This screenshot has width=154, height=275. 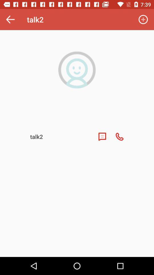 What do you see at coordinates (143, 19) in the screenshot?
I see `the icon at the top right corner` at bounding box center [143, 19].